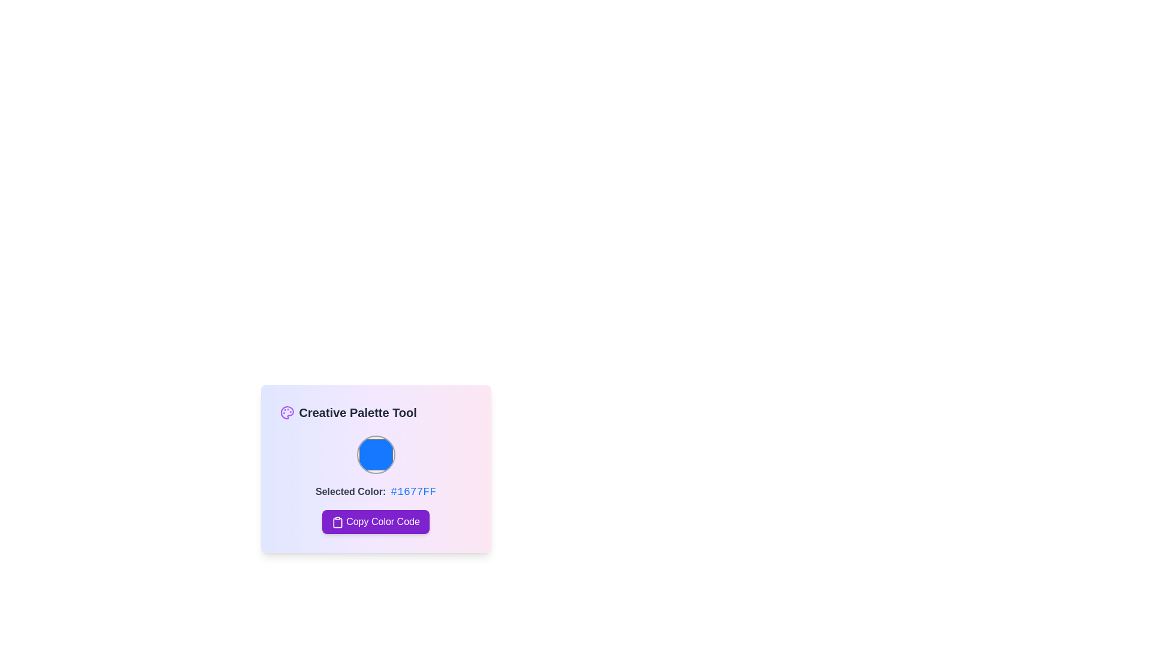  I want to click on the clipboard icon located to the left of the 'Copy Color Code' text in the button at the bottom of the panel, so click(337, 521).